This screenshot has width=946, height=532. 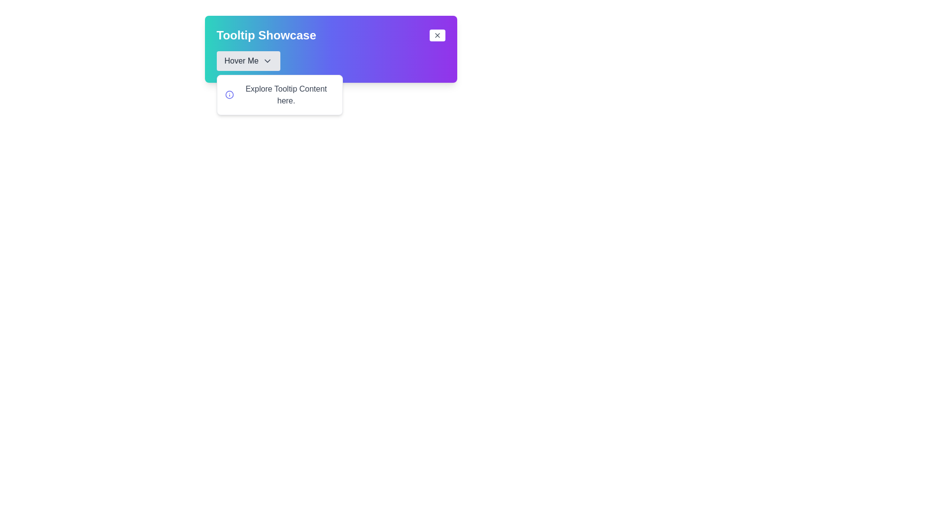 I want to click on the chevron icon indicating a dropdown menu located to the right of the 'Hover Me' button, so click(x=267, y=61).